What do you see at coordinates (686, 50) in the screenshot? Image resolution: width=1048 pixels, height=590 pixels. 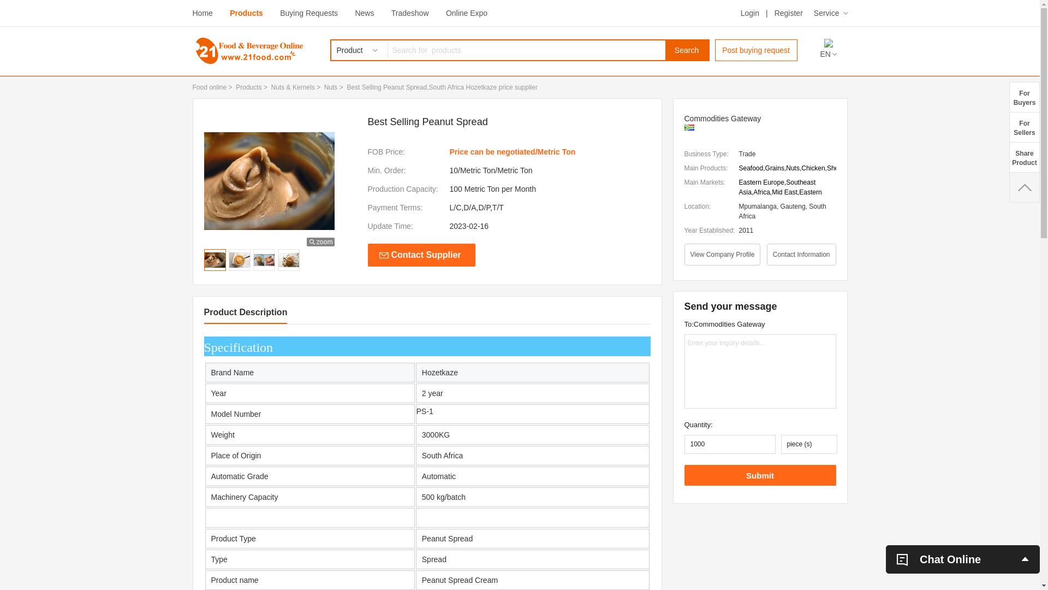 I see `'Search'` at bounding box center [686, 50].